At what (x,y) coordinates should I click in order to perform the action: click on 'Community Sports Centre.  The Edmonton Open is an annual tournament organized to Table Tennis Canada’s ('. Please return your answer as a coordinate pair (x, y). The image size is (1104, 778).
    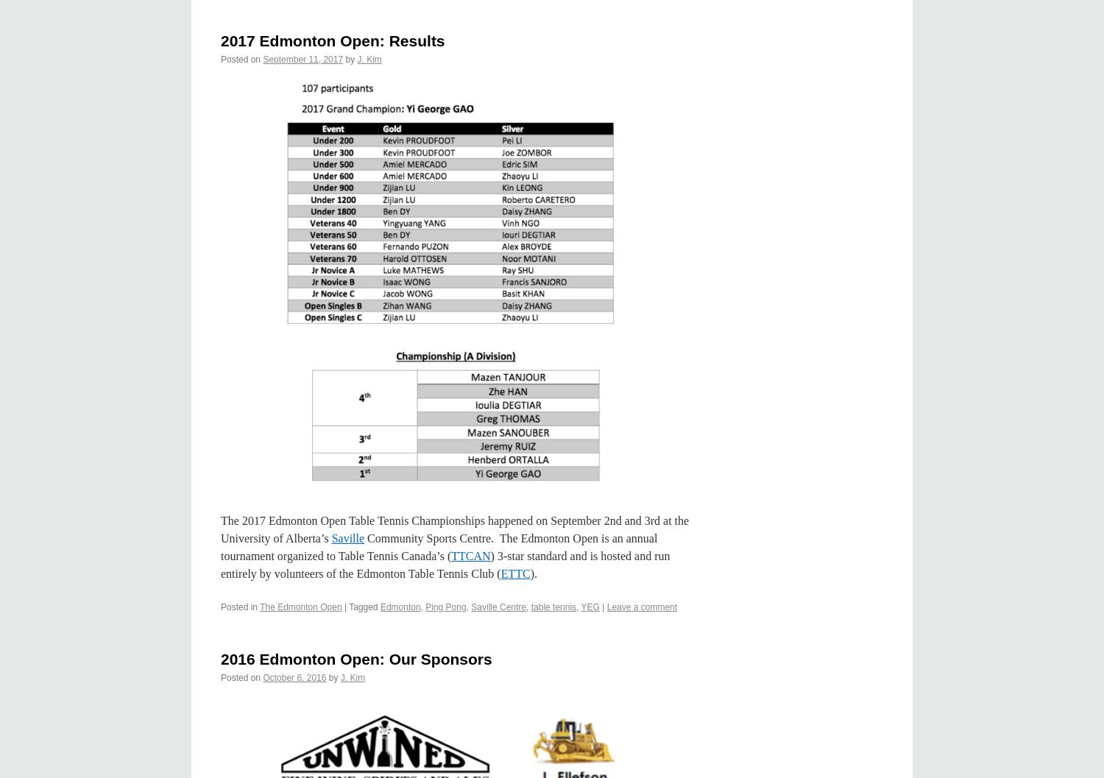
    Looking at the image, I should click on (438, 545).